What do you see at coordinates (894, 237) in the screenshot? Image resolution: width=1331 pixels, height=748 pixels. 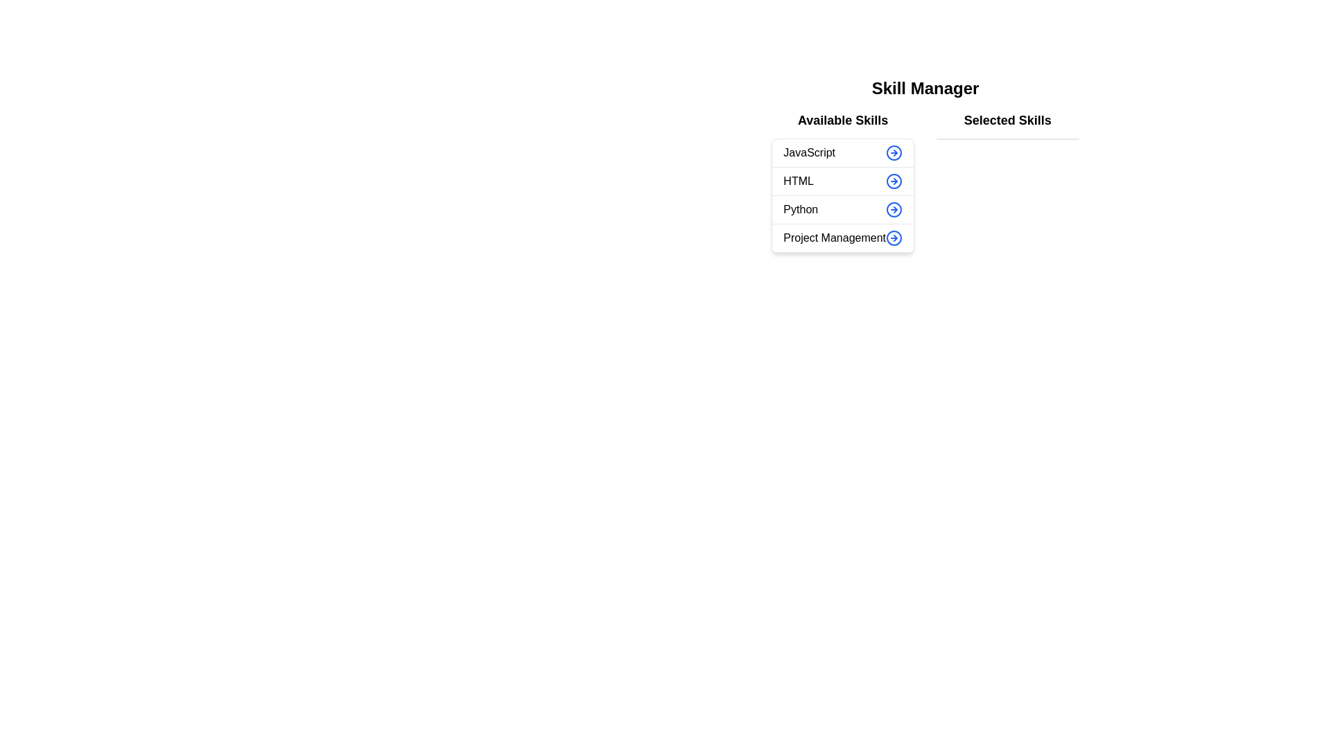 I see `arrow button next to the skill 'Project Management' in the 'Available Skills' list to transfer it to the 'Selected Skills' list` at bounding box center [894, 237].